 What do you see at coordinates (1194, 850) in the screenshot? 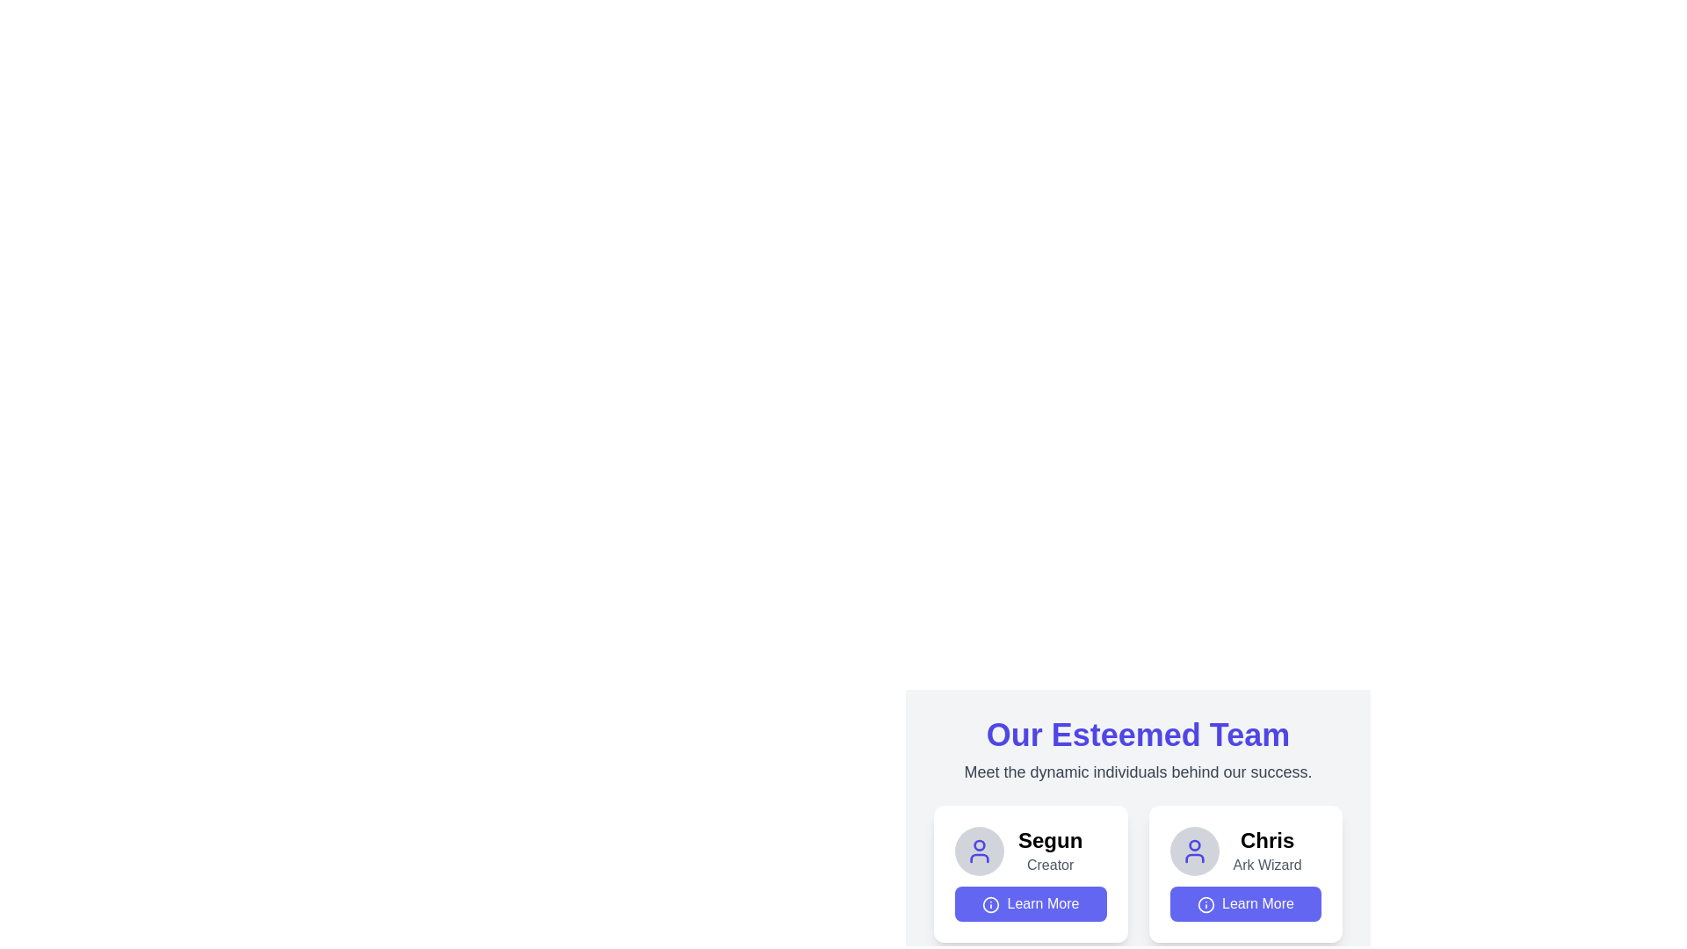
I see `the user profile icon representing 'Chris', which is located on the right side of the 'Our Esteemed Team' section, as the second profile from the left` at bounding box center [1194, 850].